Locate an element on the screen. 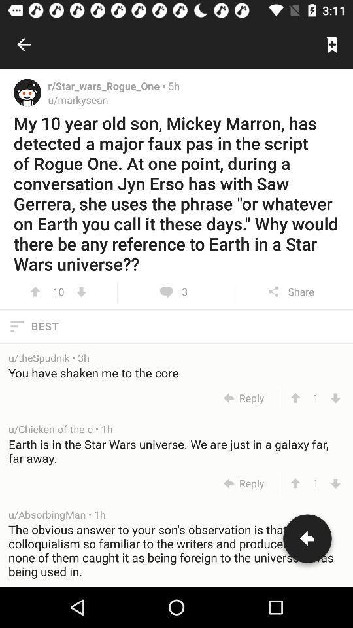  the item at the top right corner is located at coordinates (332, 44).